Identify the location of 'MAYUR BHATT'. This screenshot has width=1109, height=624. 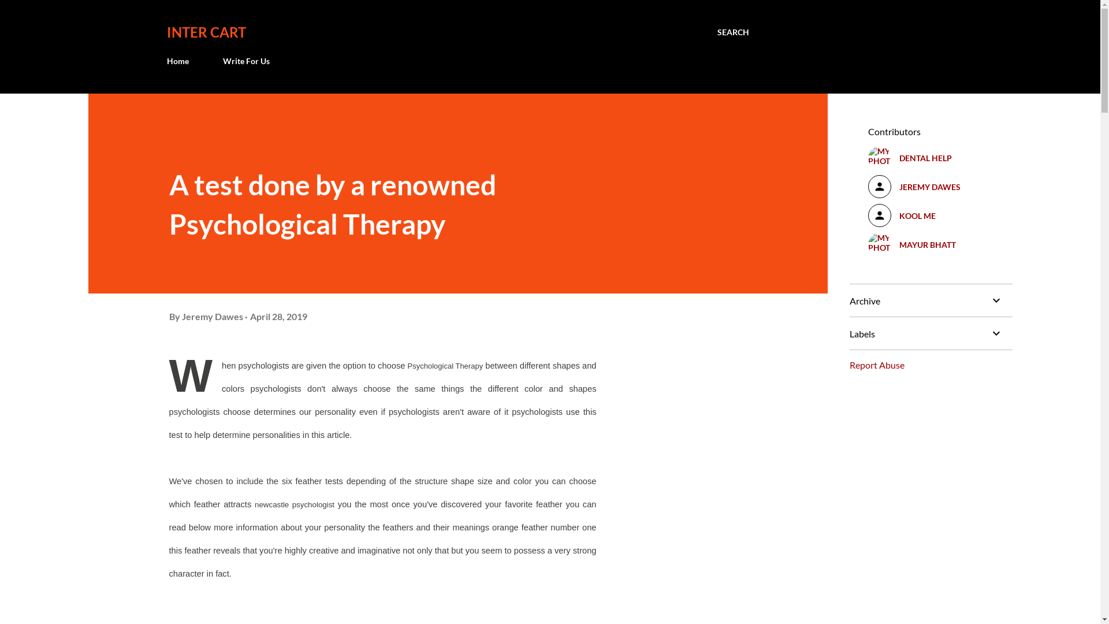
(931, 244).